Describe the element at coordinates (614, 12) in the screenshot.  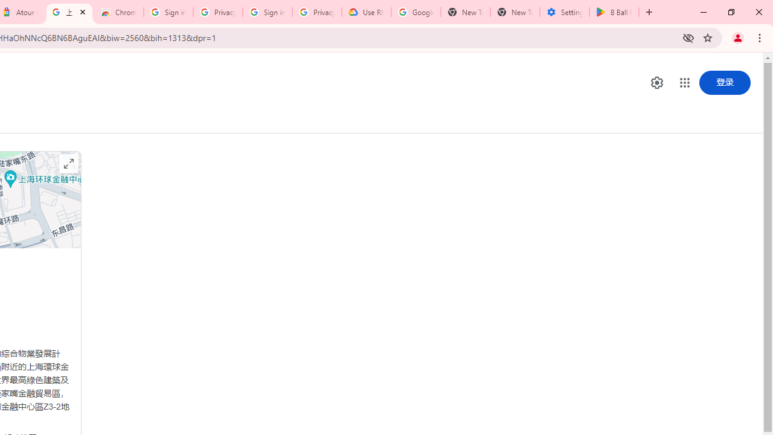
I see `'8 Ball Pool - Apps on Google Play'` at that location.